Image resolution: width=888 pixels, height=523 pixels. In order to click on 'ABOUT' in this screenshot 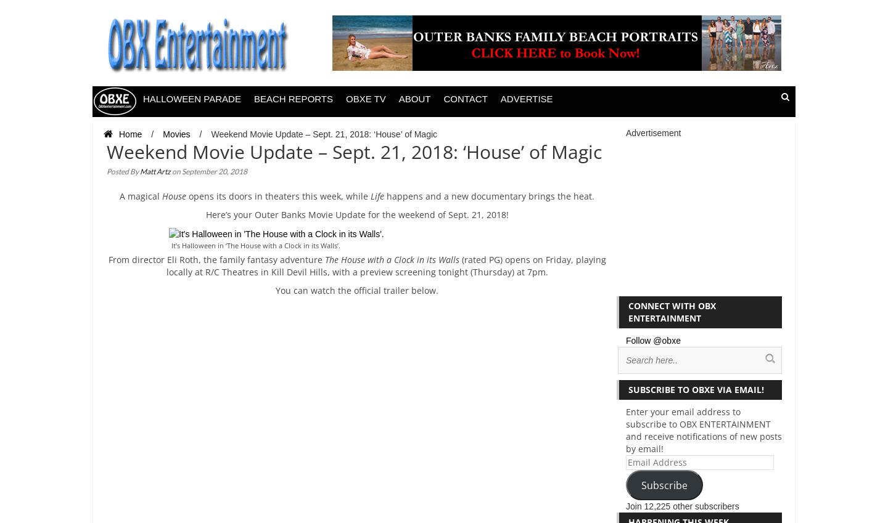, I will do `click(414, 99)`.